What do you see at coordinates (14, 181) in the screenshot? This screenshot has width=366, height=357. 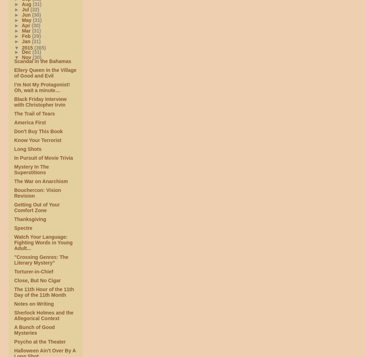 I see `'The War on Anarchism'` at bounding box center [14, 181].